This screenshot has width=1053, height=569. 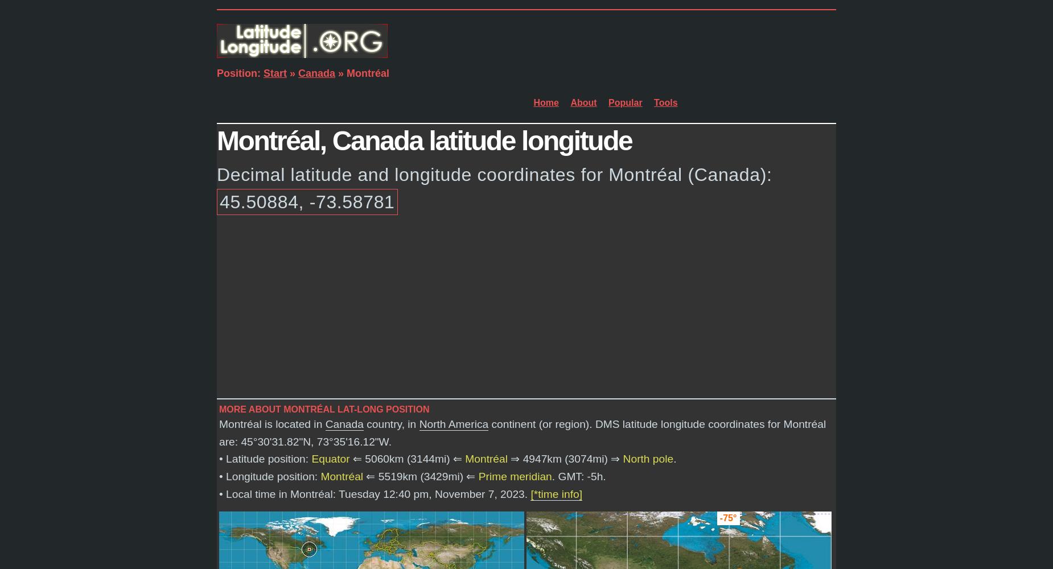 What do you see at coordinates (647, 459) in the screenshot?
I see `'North pole'` at bounding box center [647, 459].